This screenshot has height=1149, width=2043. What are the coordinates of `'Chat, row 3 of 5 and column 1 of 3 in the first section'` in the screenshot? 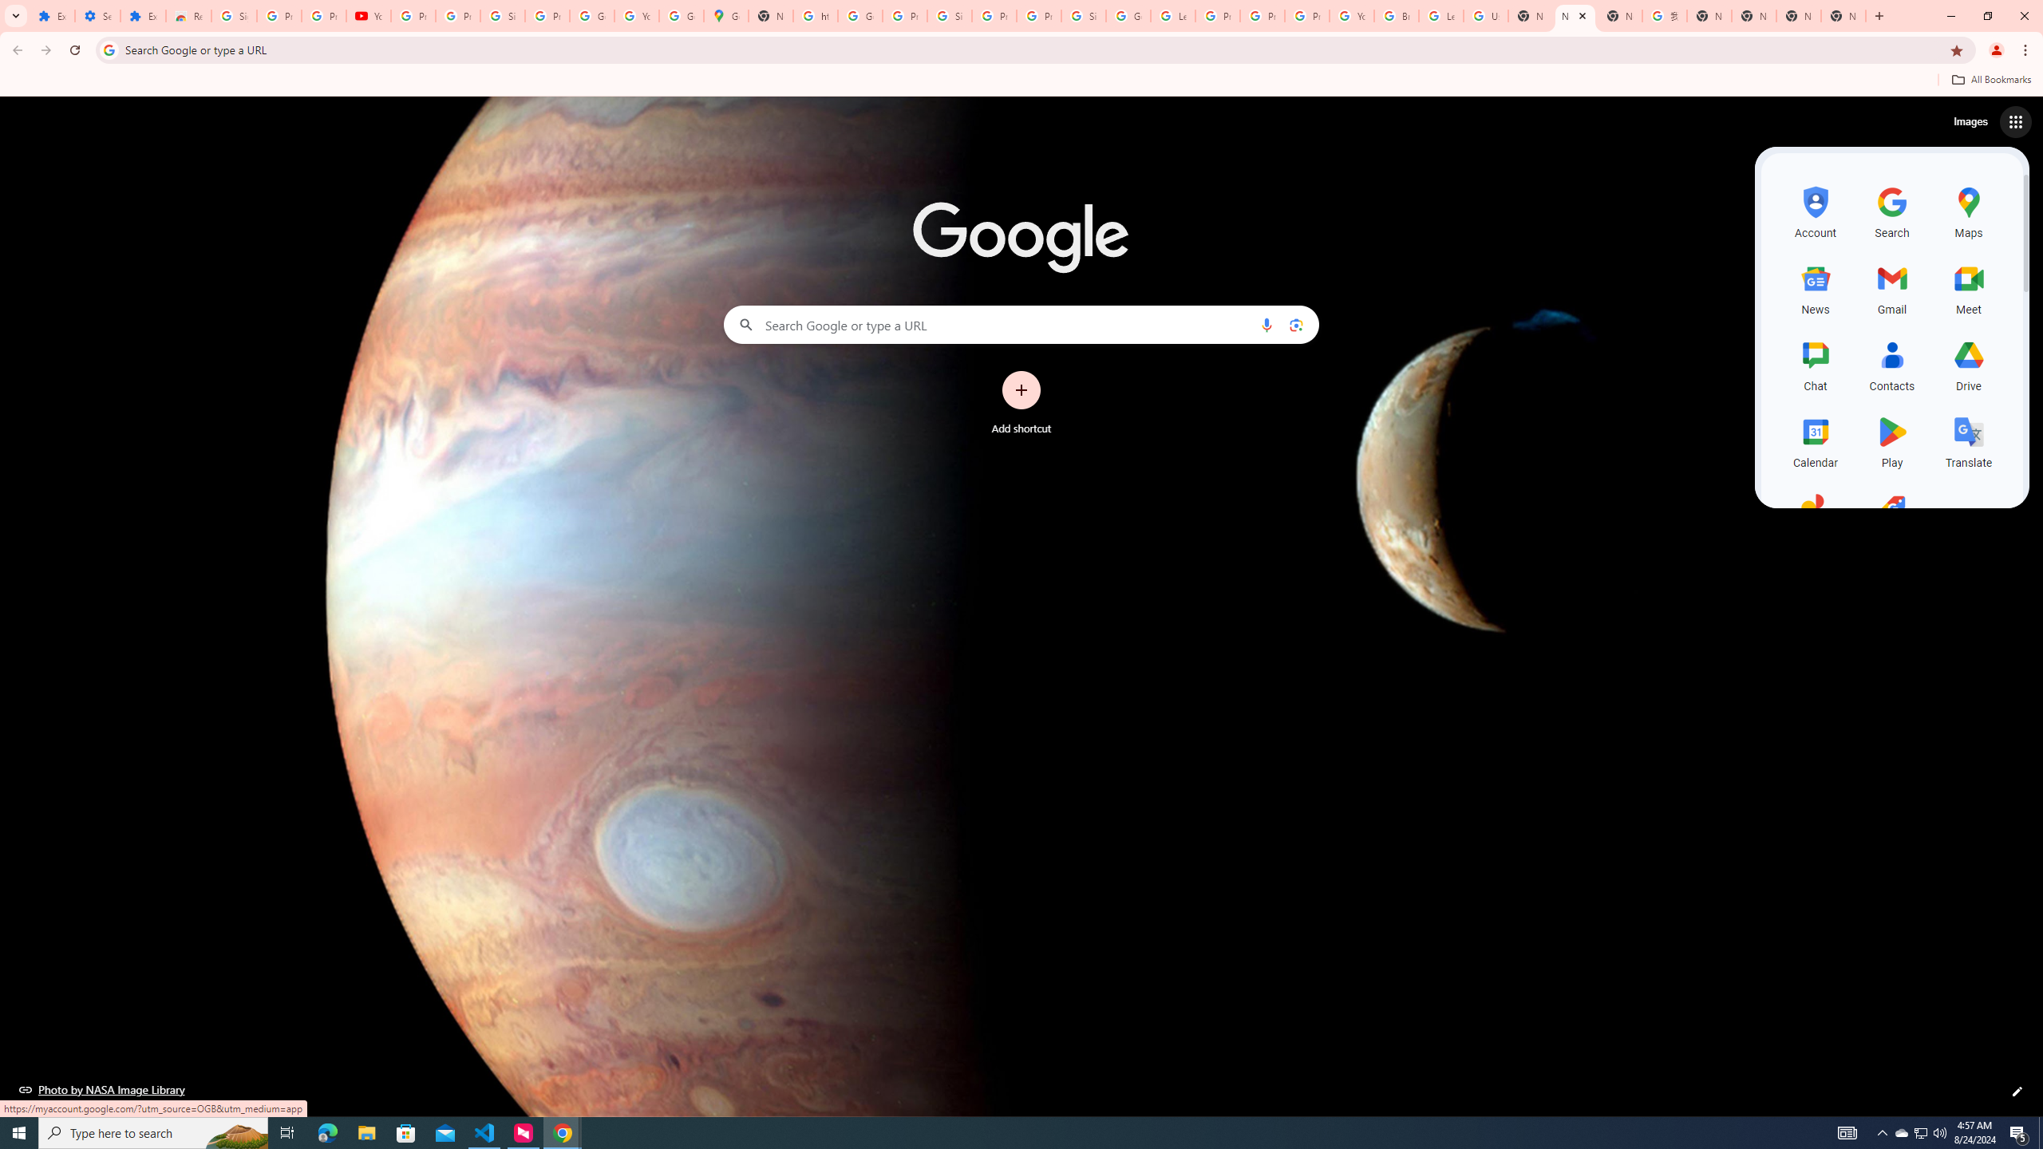 It's located at (1815, 363).